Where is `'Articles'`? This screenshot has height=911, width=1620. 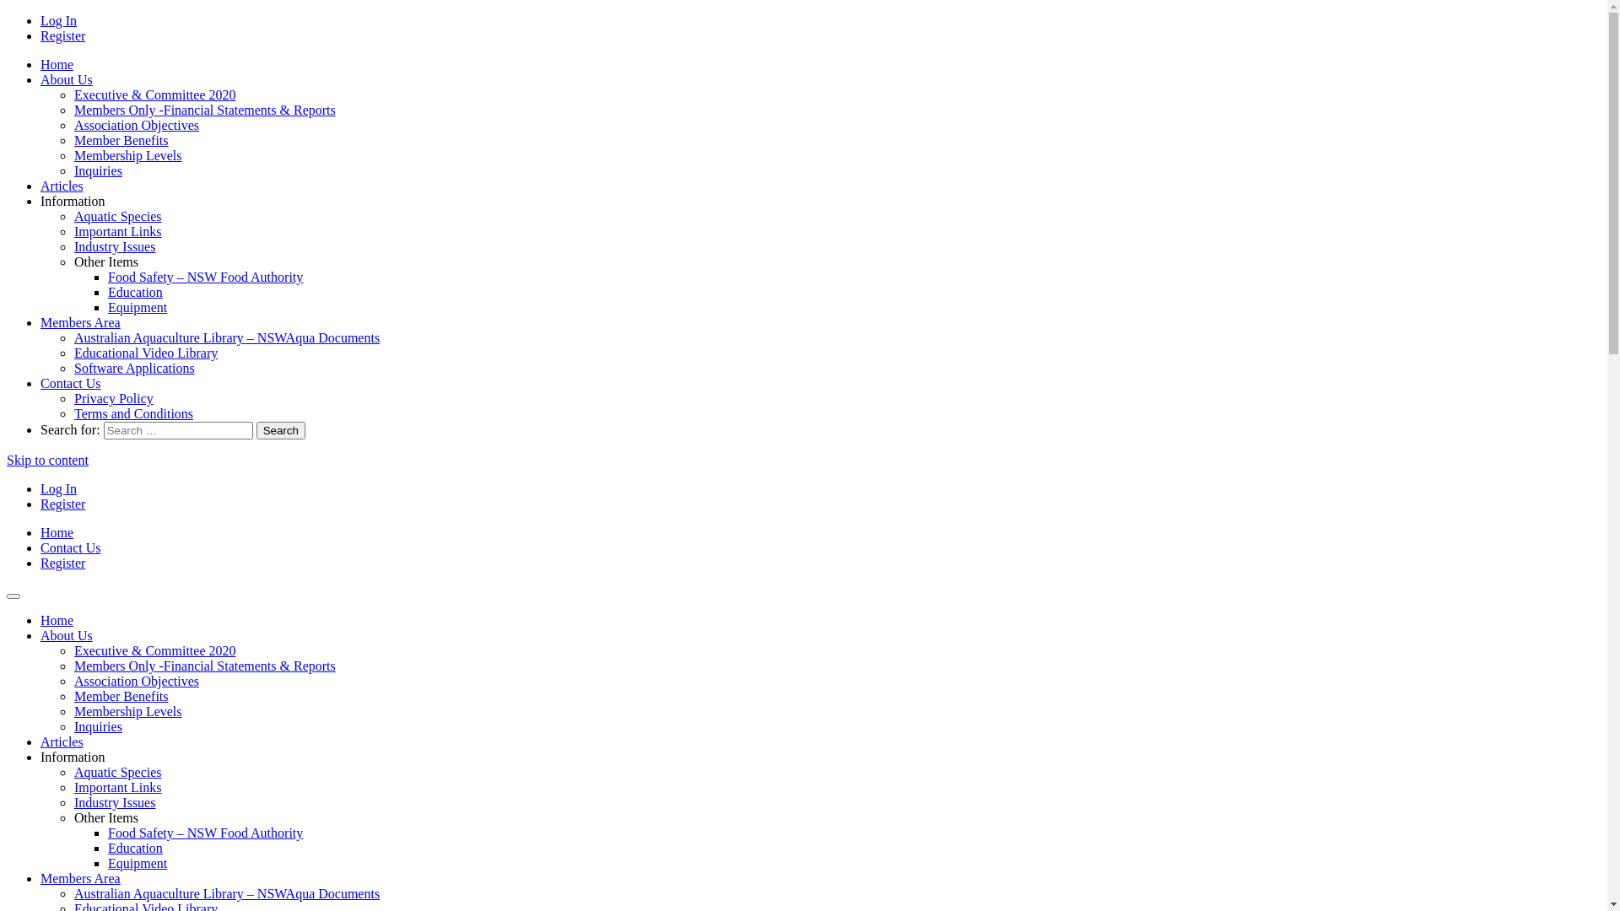
'Articles' is located at coordinates (62, 186).